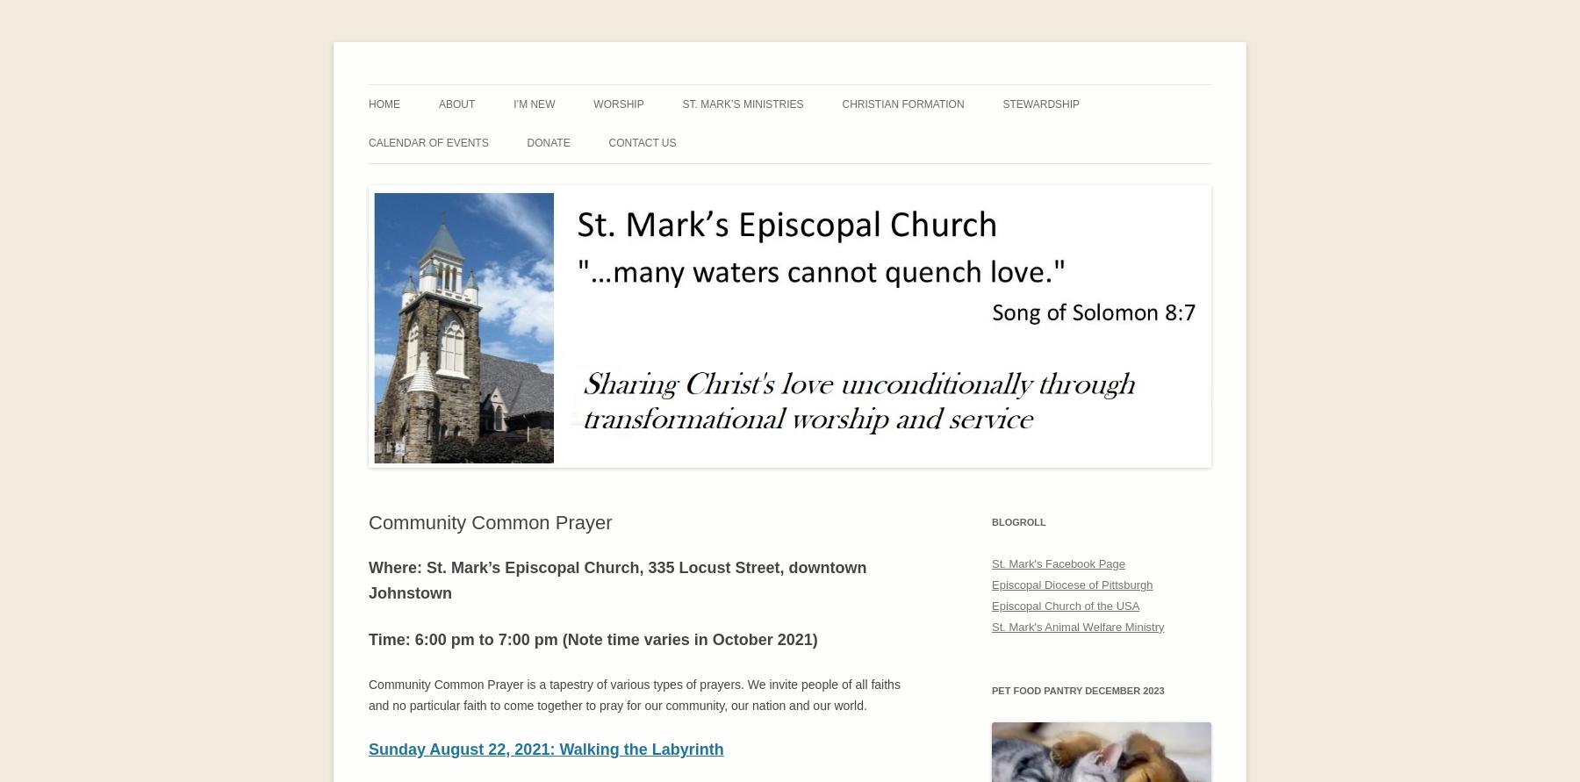 This screenshot has width=1580, height=782. I want to click on 'Christian Formation', so click(841, 104).